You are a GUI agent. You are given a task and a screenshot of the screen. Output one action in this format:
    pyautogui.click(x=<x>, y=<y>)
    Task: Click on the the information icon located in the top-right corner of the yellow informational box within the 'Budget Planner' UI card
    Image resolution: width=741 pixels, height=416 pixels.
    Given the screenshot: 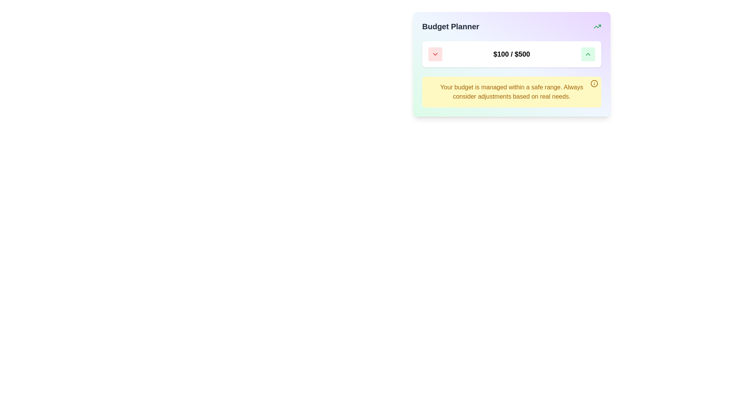 What is the action you would take?
    pyautogui.click(x=594, y=83)
    